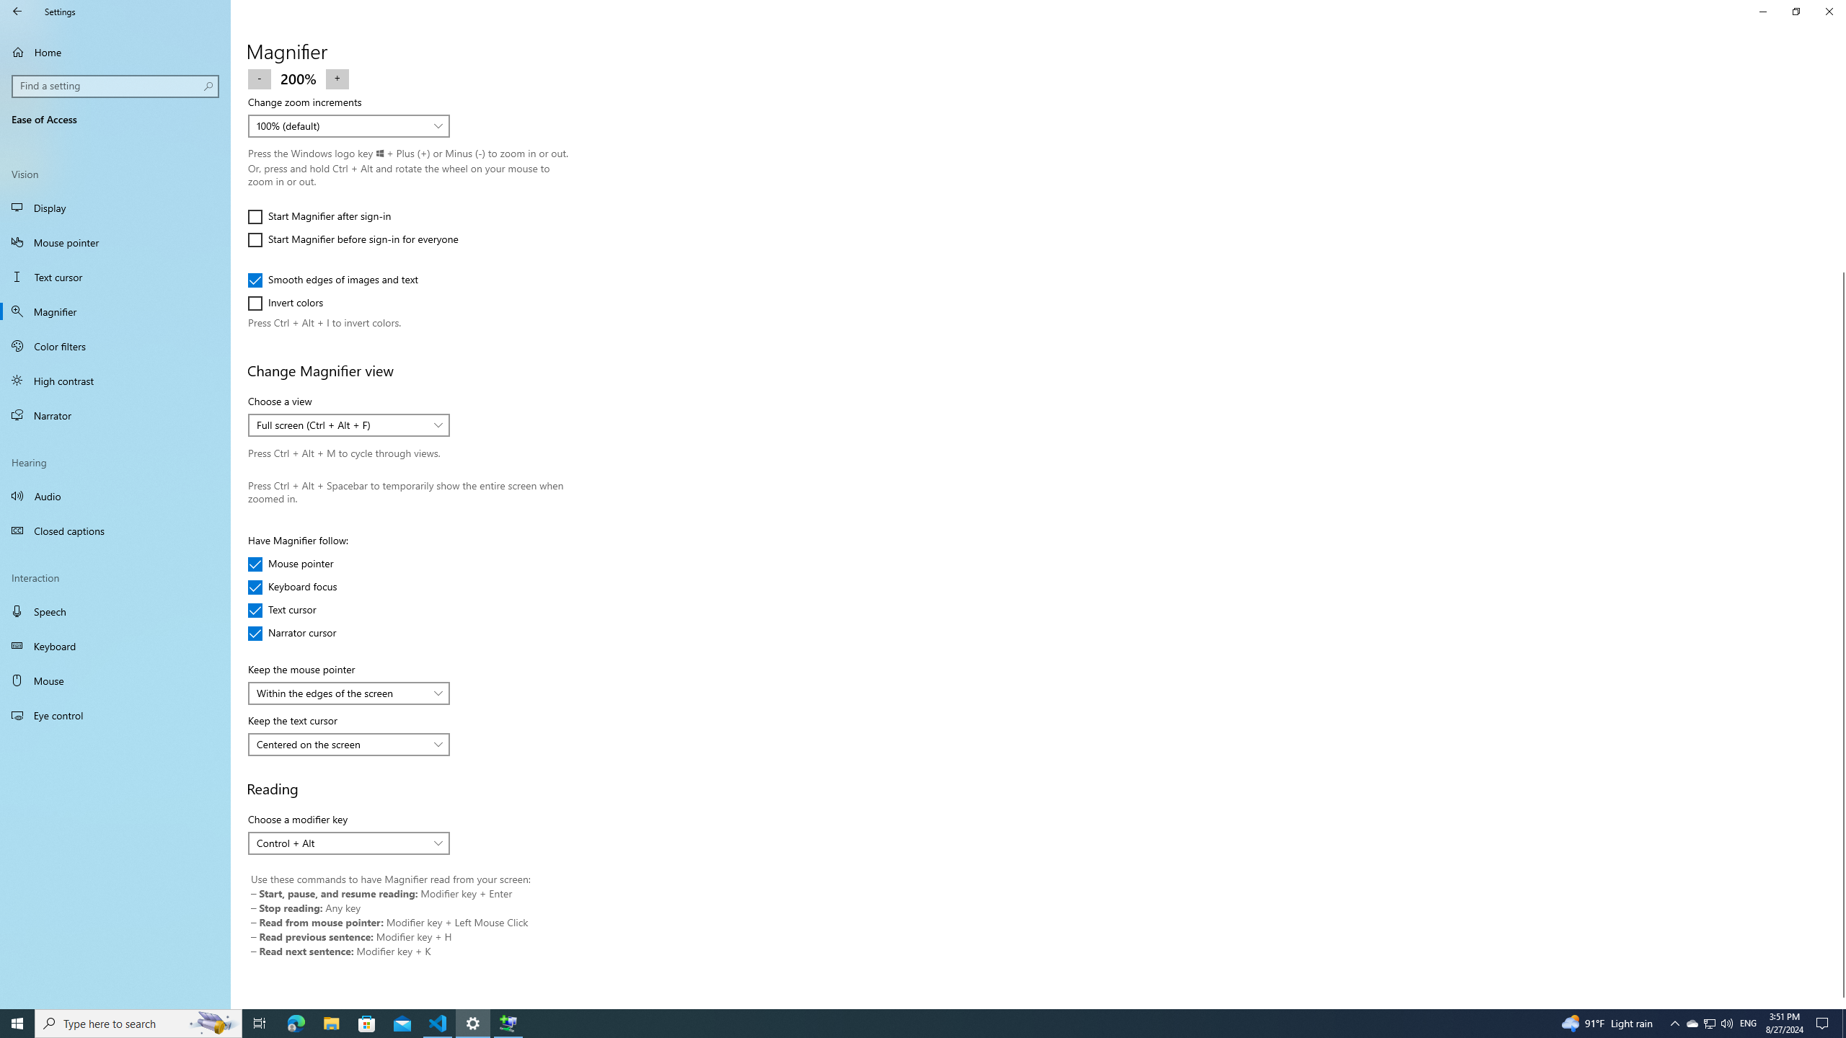 The height and width of the screenshot is (1038, 1846). Describe the element at coordinates (508, 1022) in the screenshot. I see `'Extensible Wizards Host Process - 1 running window'` at that location.